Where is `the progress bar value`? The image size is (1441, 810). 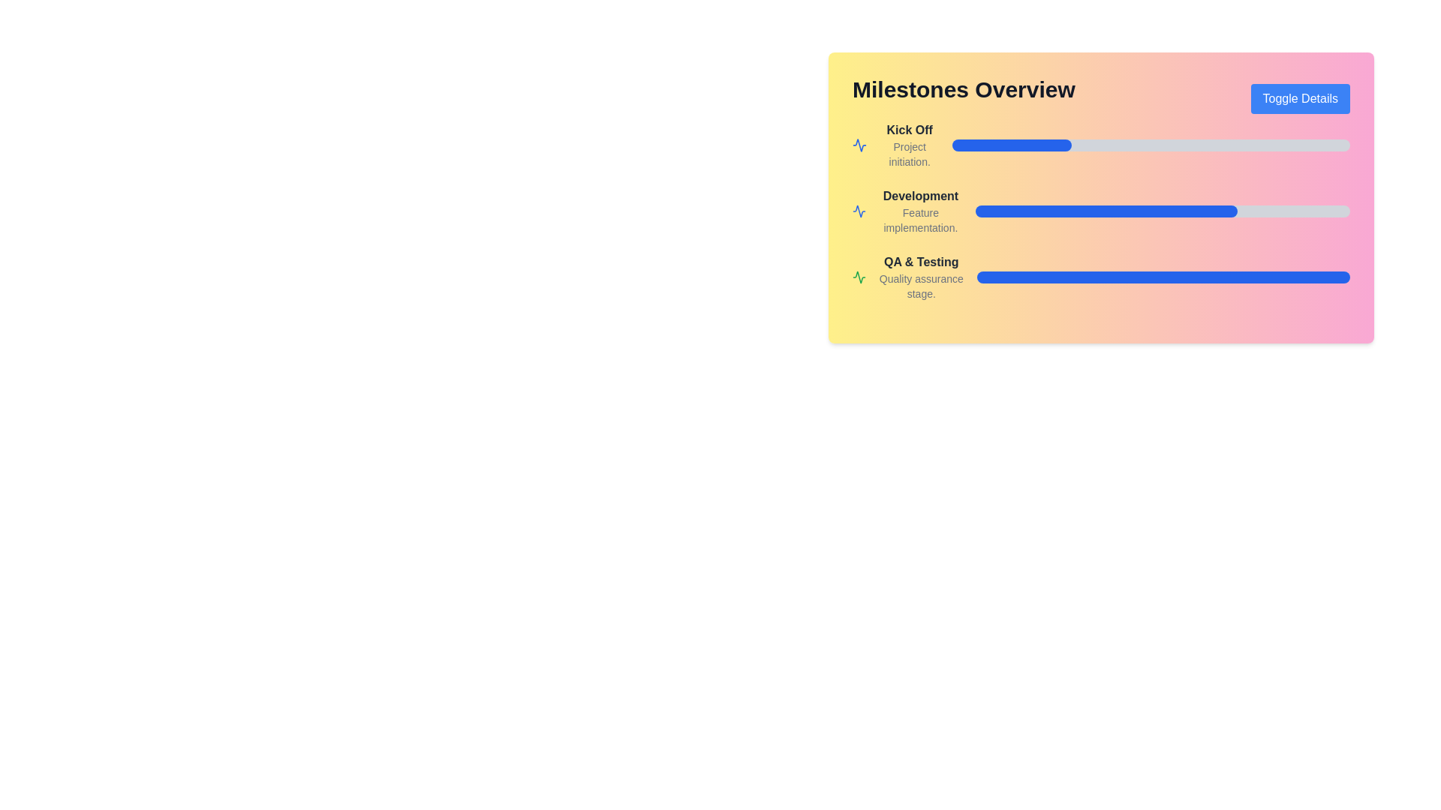
the progress bar value is located at coordinates (1245, 277).